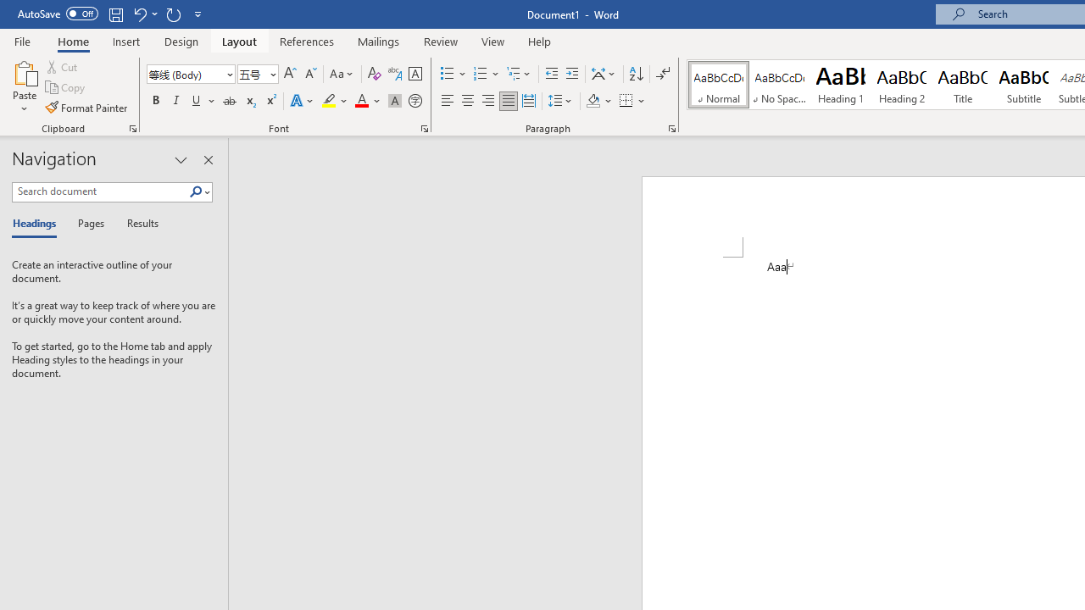 The width and height of the screenshot is (1085, 610). I want to click on 'Subtitle', so click(1023, 85).